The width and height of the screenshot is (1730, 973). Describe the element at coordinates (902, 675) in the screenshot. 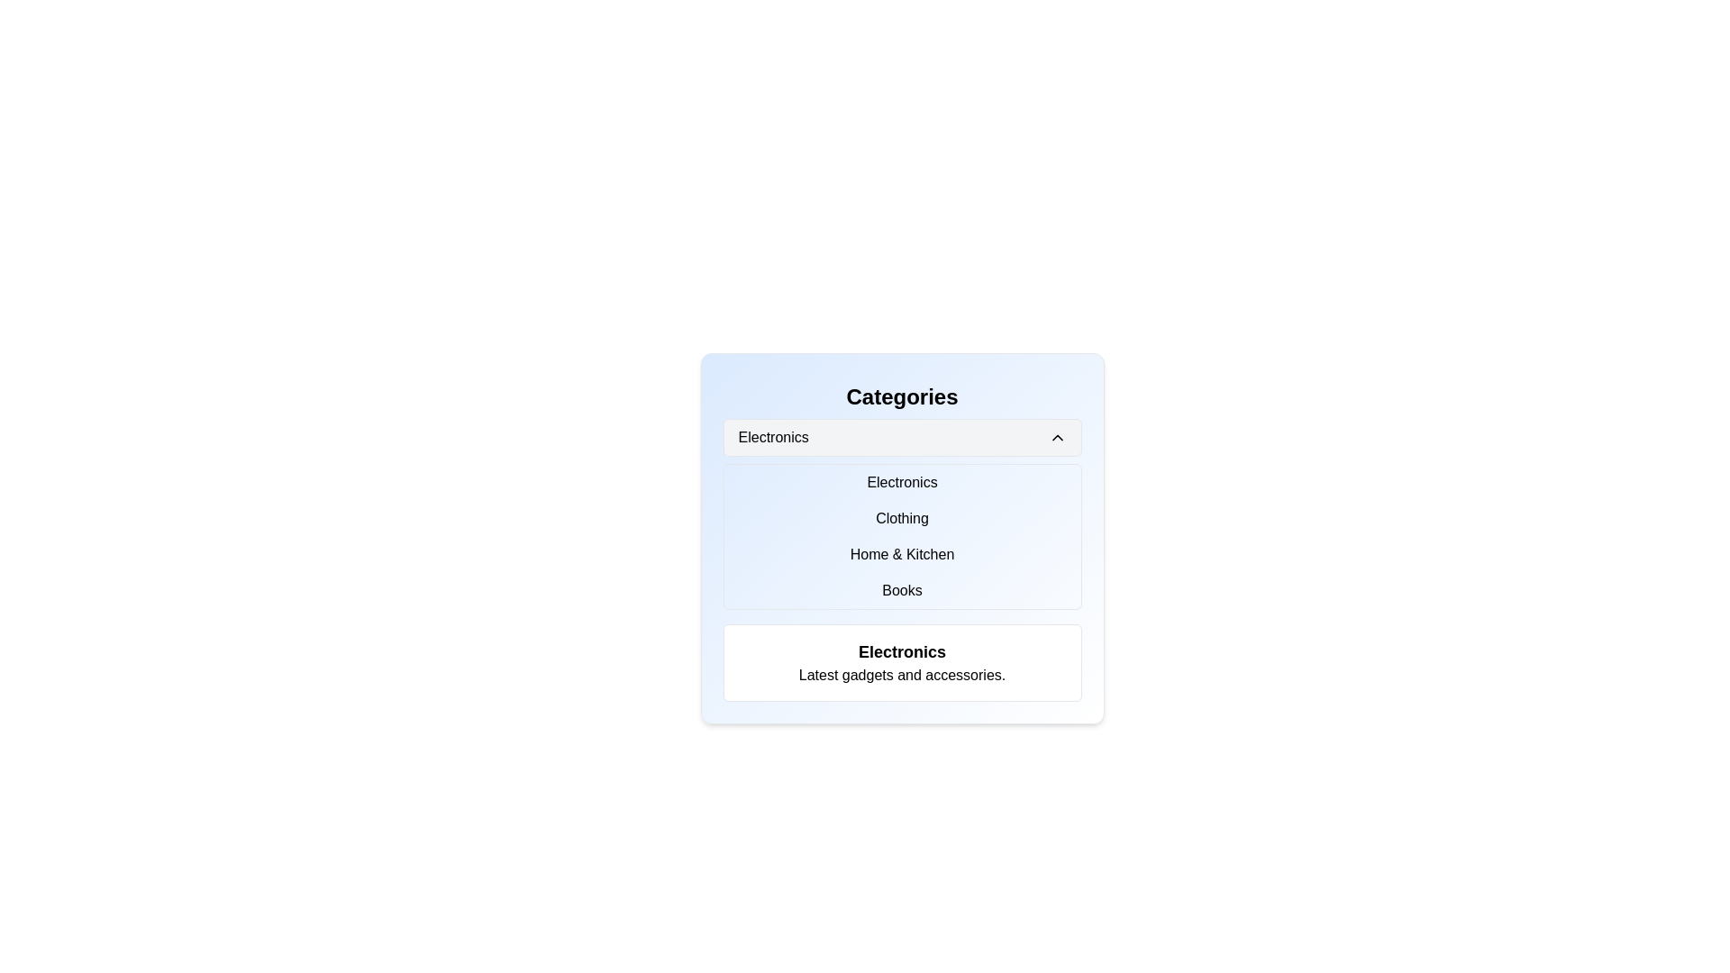

I see `the text label that reads 'Latest gadgets and accessories.' which is centrally aligned beneath the bold section header 'Electronics' in a white rounded rectangular box` at that location.